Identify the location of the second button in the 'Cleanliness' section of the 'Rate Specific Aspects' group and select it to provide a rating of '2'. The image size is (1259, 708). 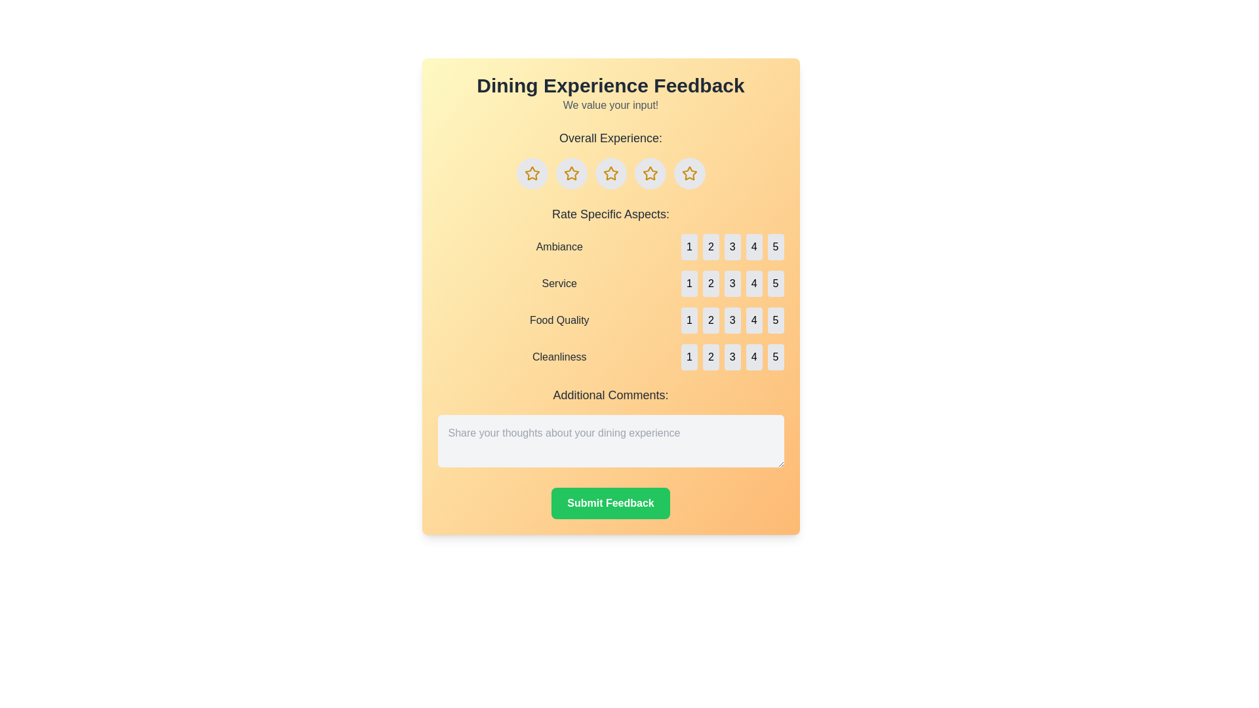
(710, 357).